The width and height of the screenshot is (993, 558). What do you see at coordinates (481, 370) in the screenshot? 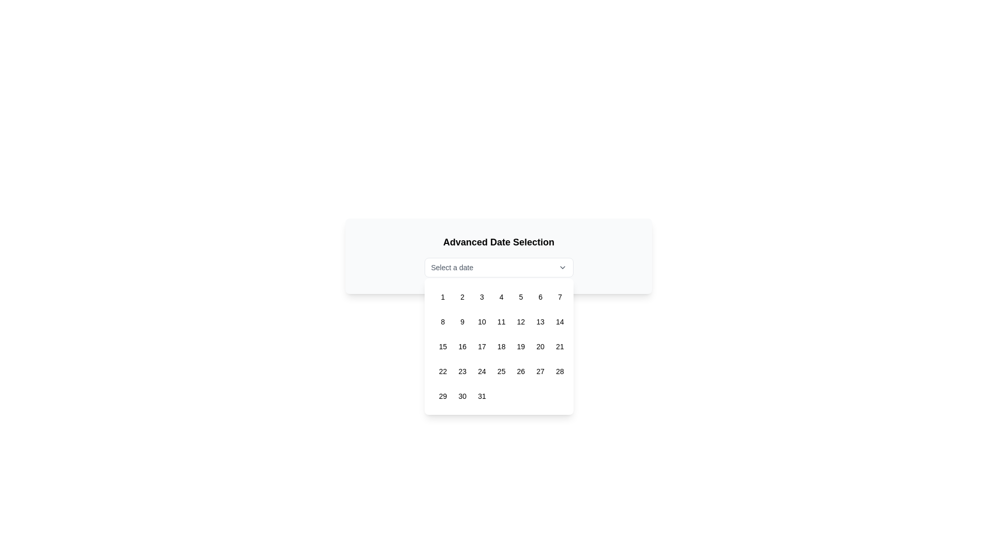
I see `the button` at bounding box center [481, 370].